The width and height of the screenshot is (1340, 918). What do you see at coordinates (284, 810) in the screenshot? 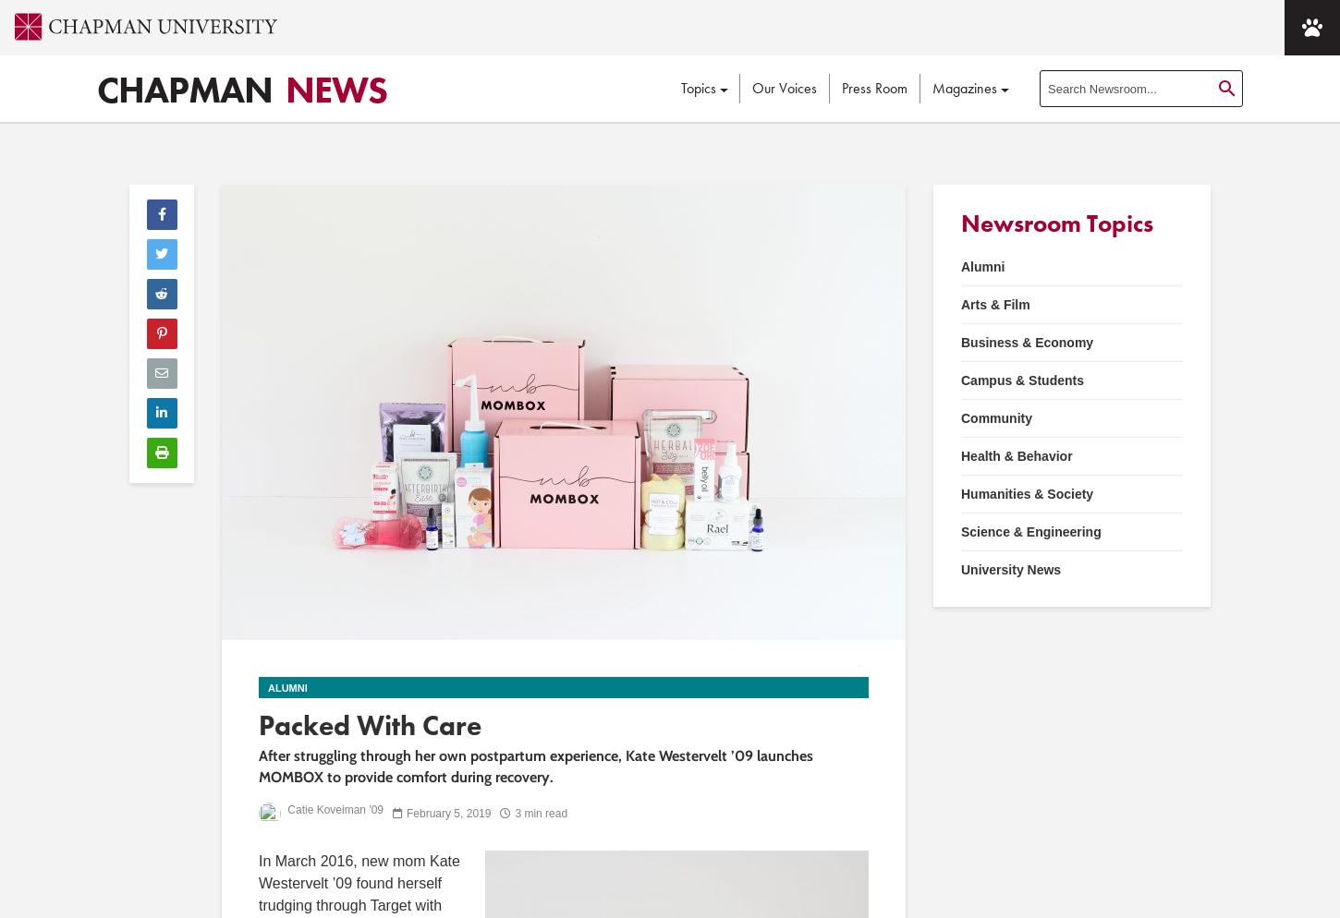
I see `'Catie Koveiman '09'` at bounding box center [284, 810].